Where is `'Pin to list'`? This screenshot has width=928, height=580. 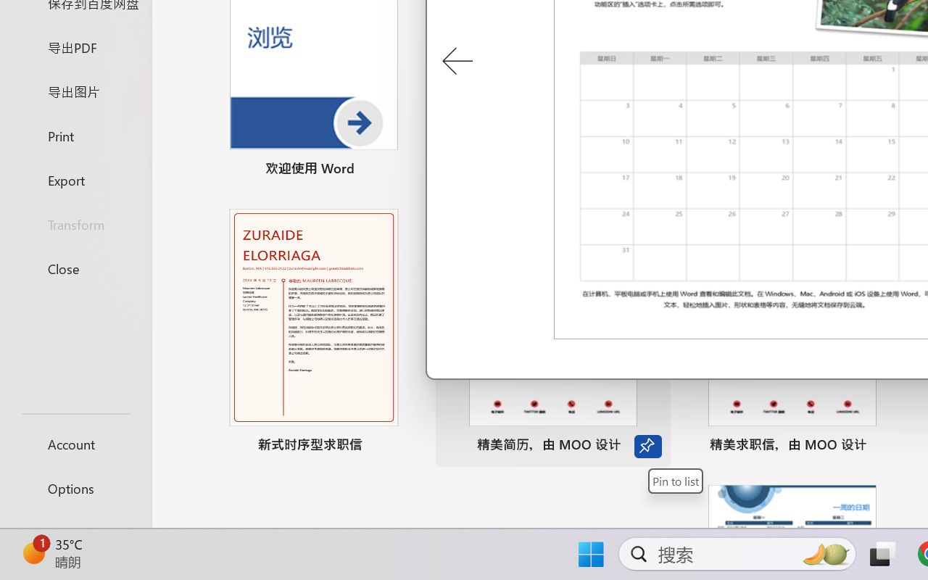 'Pin to list' is located at coordinates (674, 480).